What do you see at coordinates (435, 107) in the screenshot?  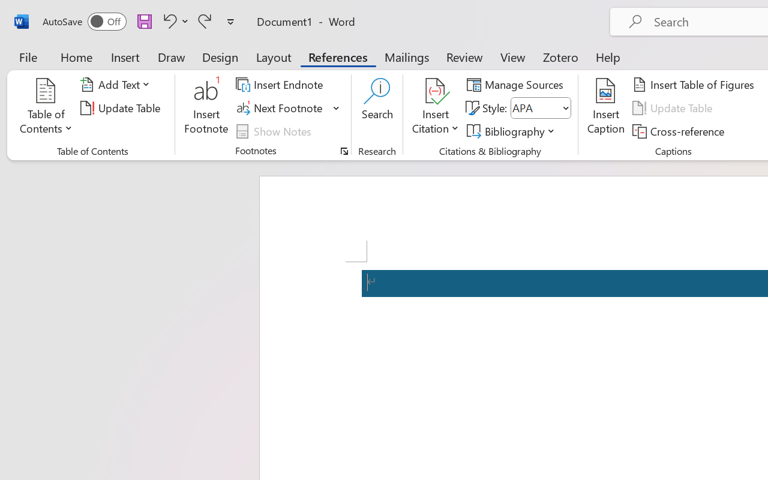 I see `'Insert Citation'` at bounding box center [435, 107].